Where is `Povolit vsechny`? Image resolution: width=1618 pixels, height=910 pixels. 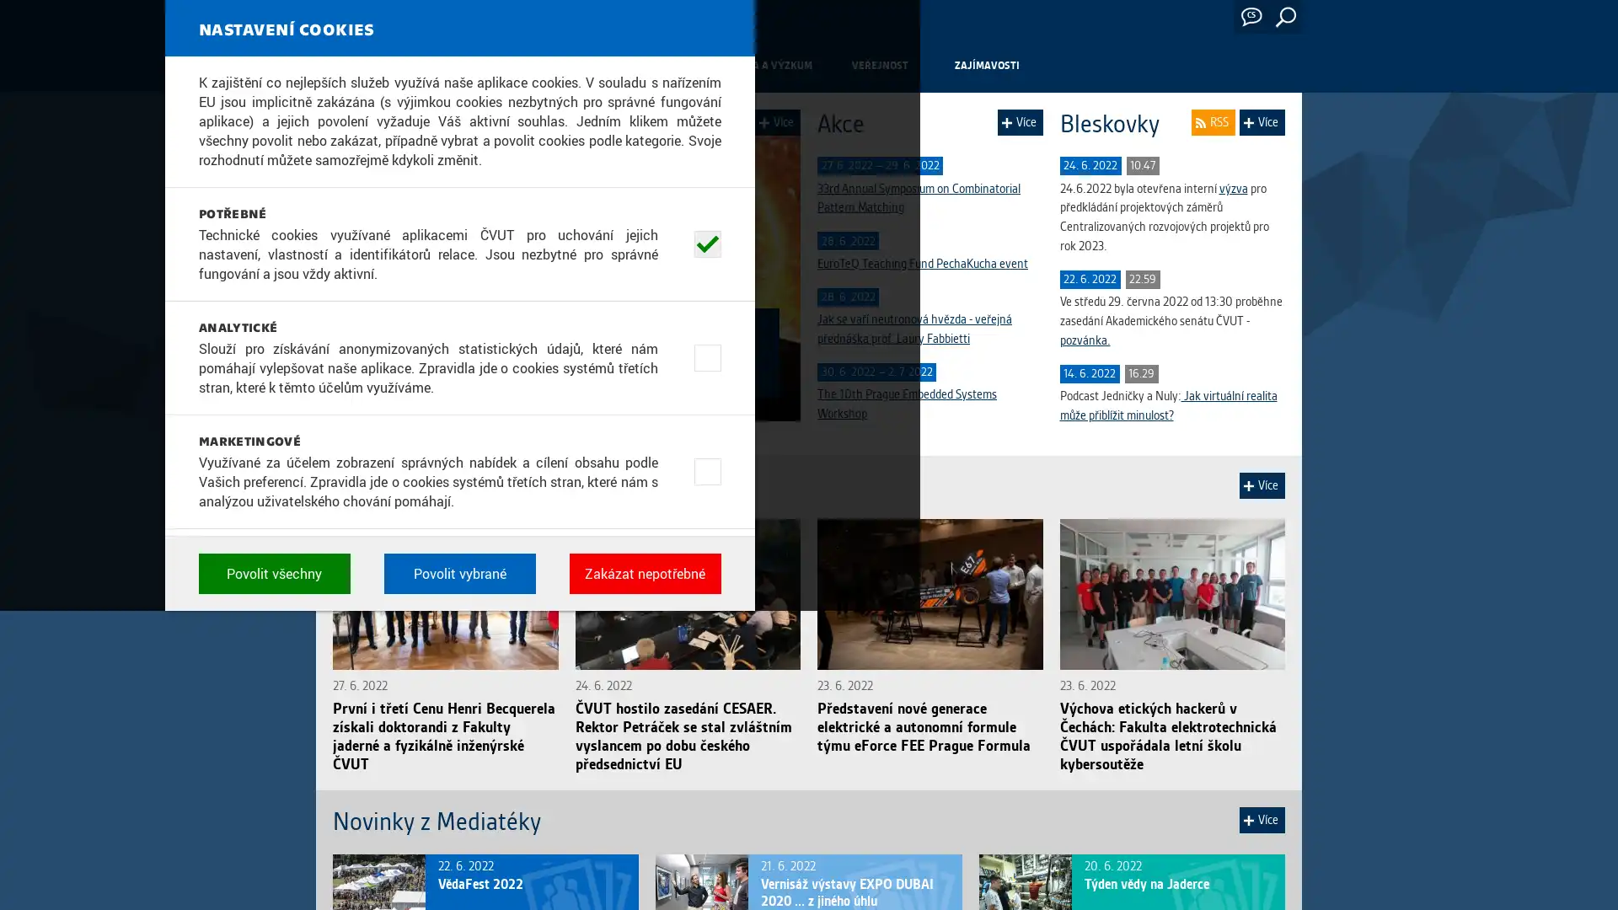
Povolit vsechny is located at coordinates (622, 830).